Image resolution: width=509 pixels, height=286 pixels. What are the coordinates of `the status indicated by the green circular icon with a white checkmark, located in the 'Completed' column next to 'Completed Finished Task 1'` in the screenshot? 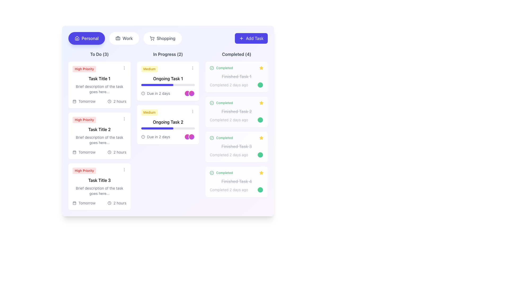 It's located at (212, 173).